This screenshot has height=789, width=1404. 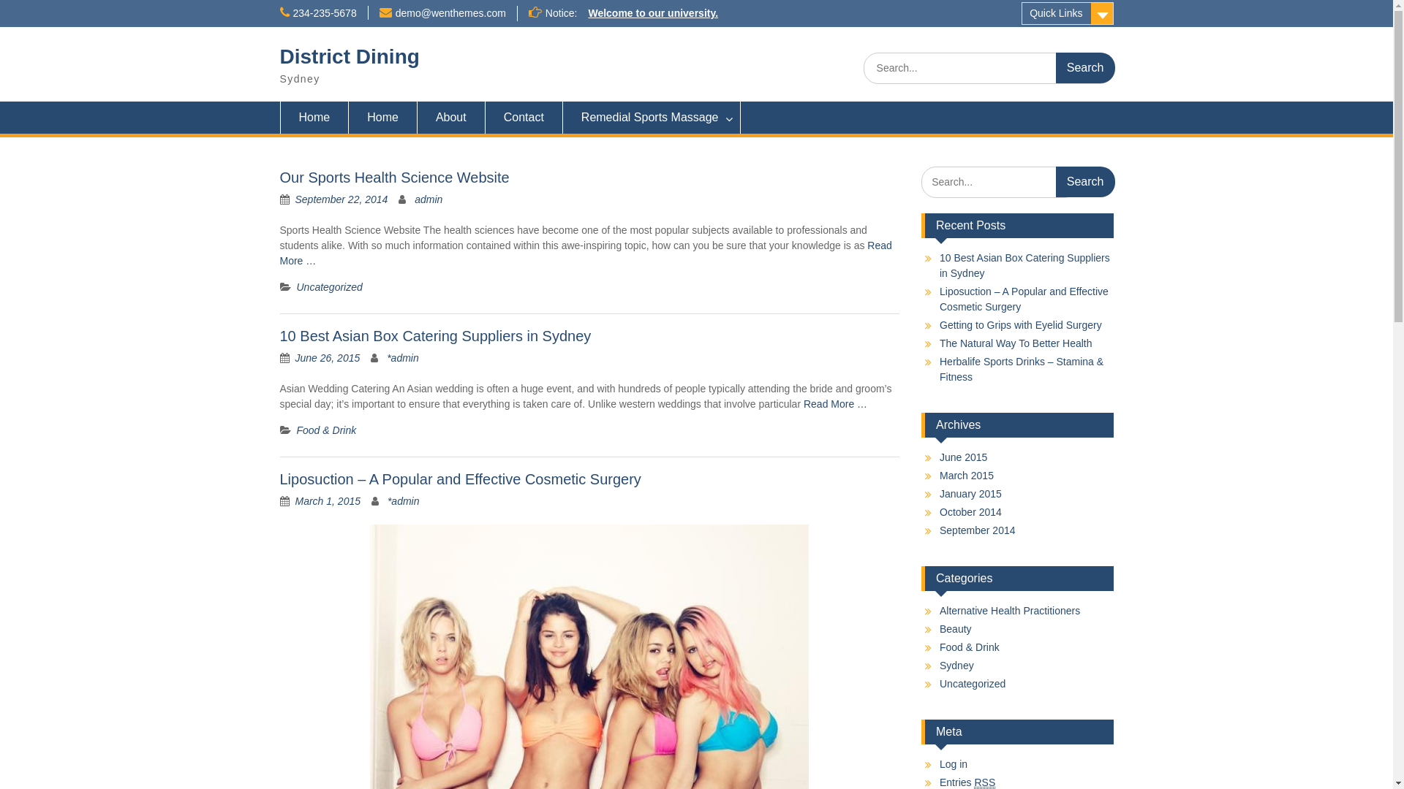 What do you see at coordinates (328, 500) in the screenshot?
I see `'March 1, 2015'` at bounding box center [328, 500].